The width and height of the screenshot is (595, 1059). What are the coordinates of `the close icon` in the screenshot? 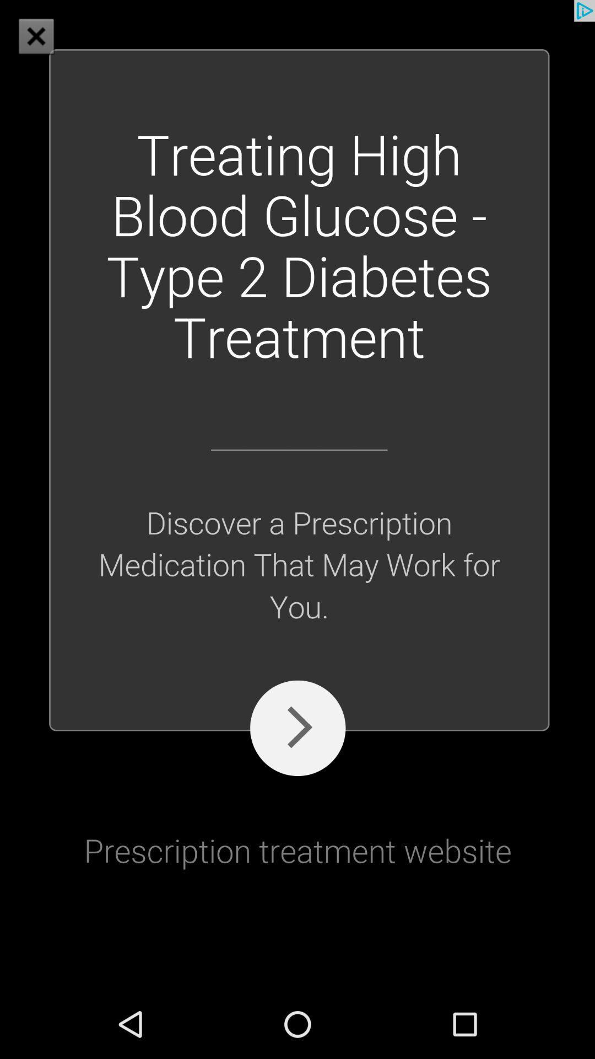 It's located at (35, 39).